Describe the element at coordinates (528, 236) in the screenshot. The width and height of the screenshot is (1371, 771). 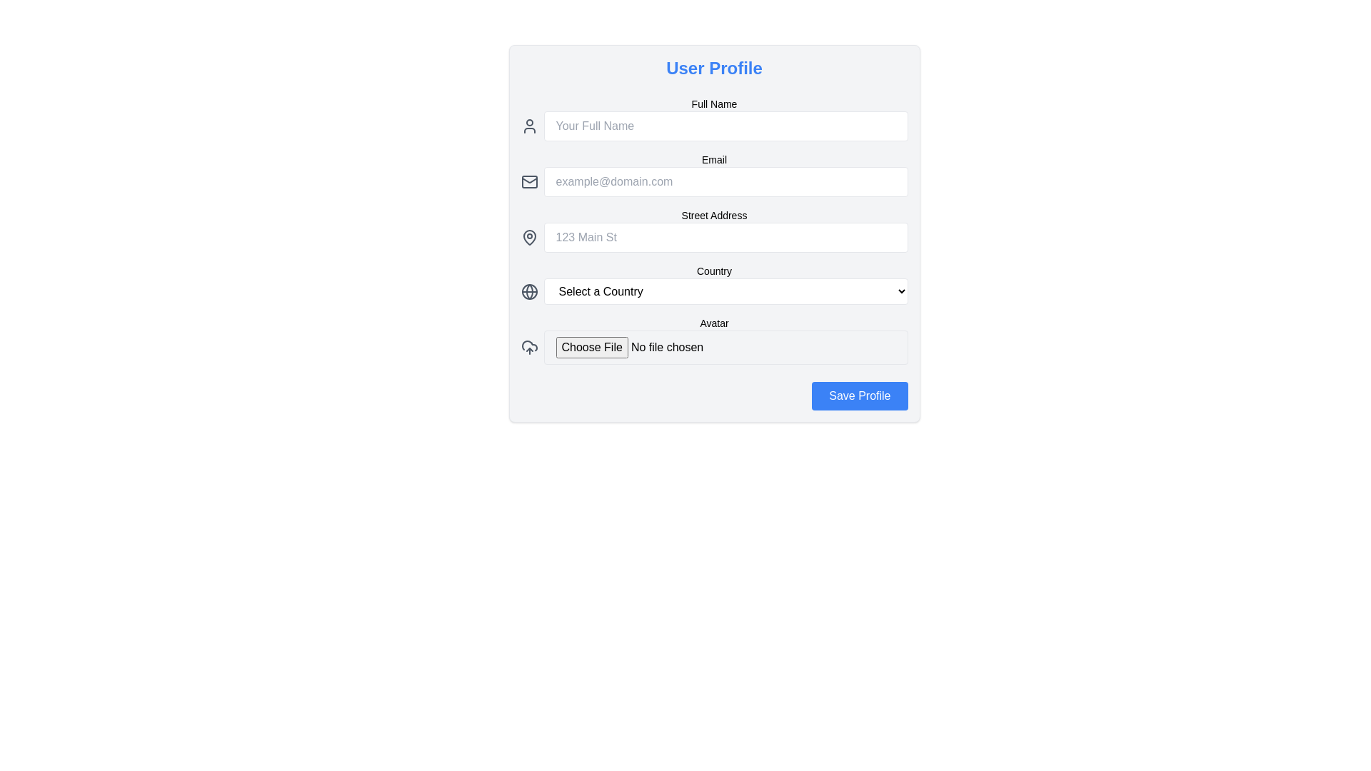
I see `the gray map pin icon located to the left of the 'Street Address' input field, aligned vertically to its center` at that location.